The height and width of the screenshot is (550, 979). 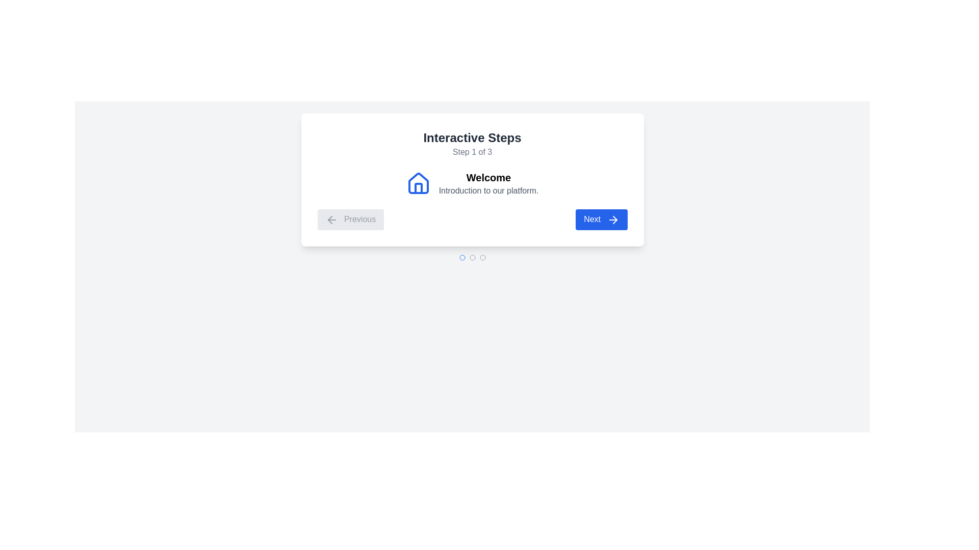 I want to click on the Text label displaying 'Introduction to our platform.' which is located beneath the title 'Welcome' within the white card UI component, so click(x=488, y=190).